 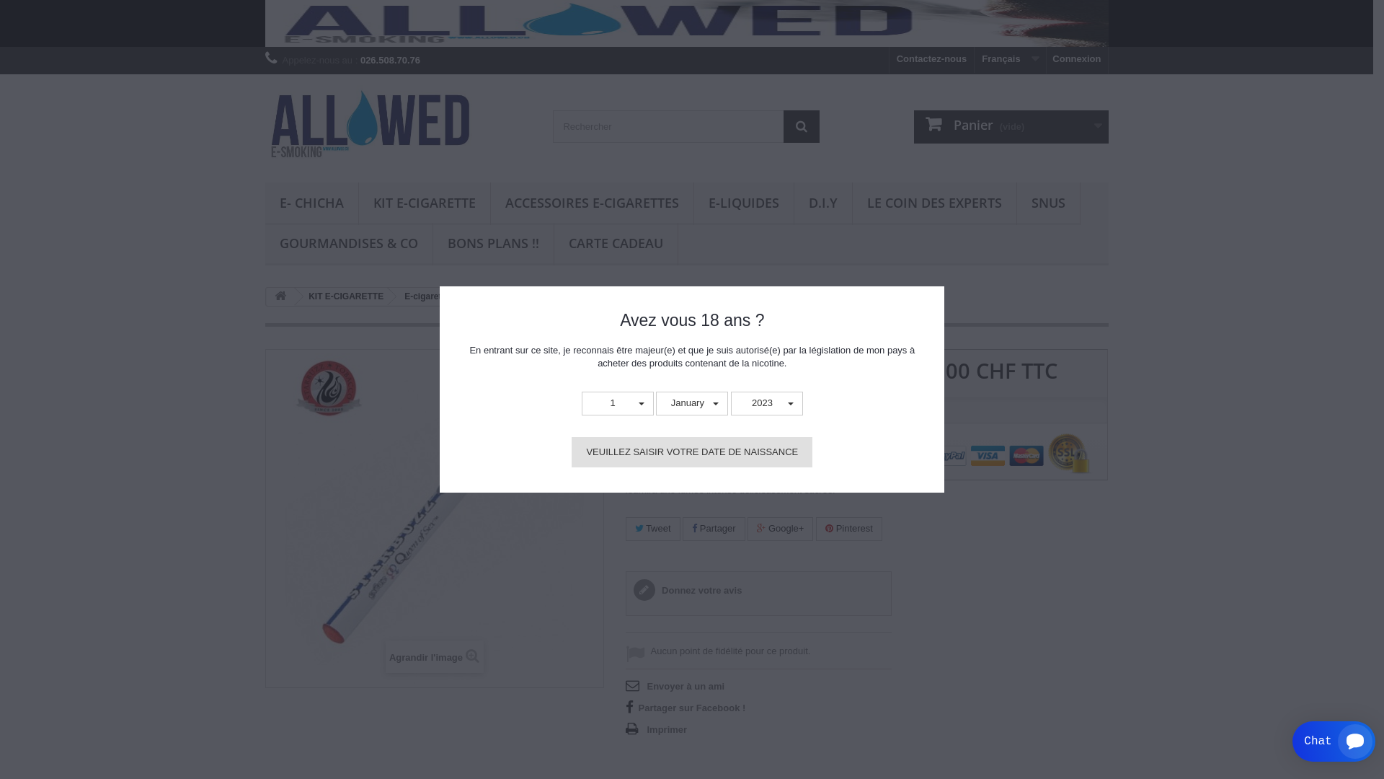 What do you see at coordinates (693, 203) in the screenshot?
I see `'E-LIQUIDES'` at bounding box center [693, 203].